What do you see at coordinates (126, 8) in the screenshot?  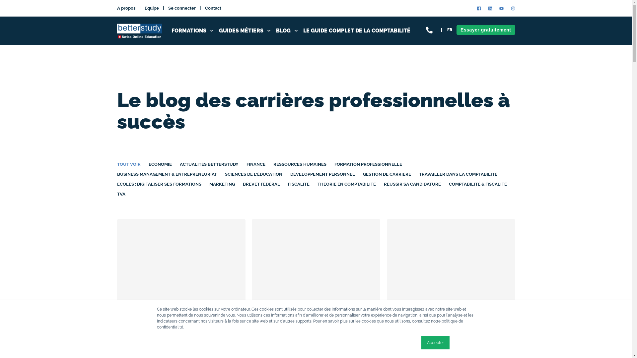 I see `'A propos'` at bounding box center [126, 8].